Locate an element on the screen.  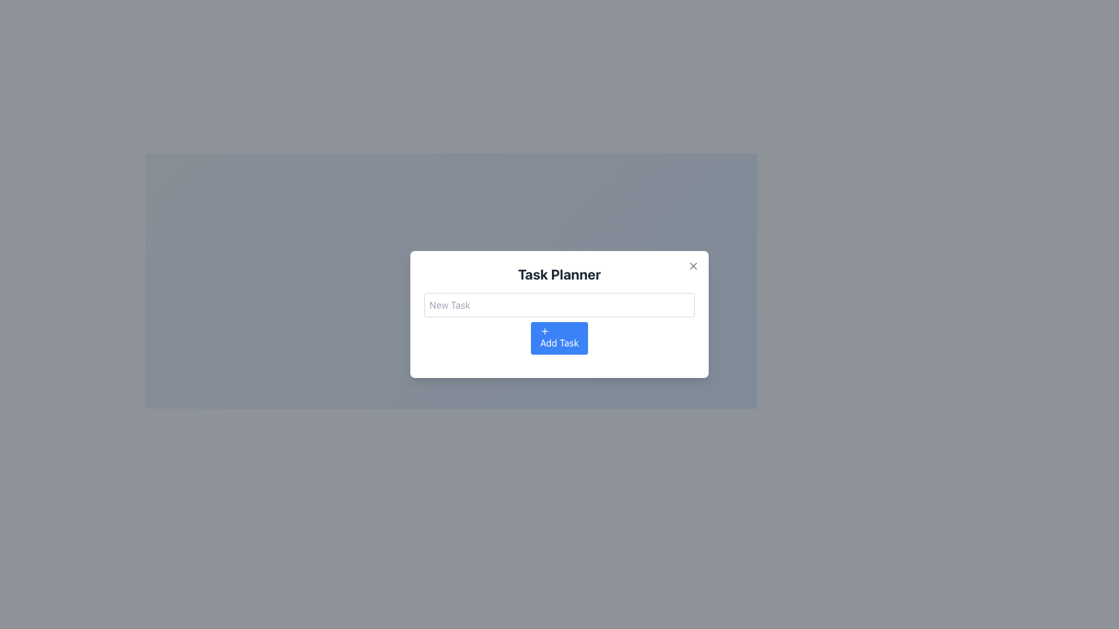
the Text Label that serves as a header for the modal dialog, located at the top of the modal box and centered horizontally is located at coordinates (559, 274).